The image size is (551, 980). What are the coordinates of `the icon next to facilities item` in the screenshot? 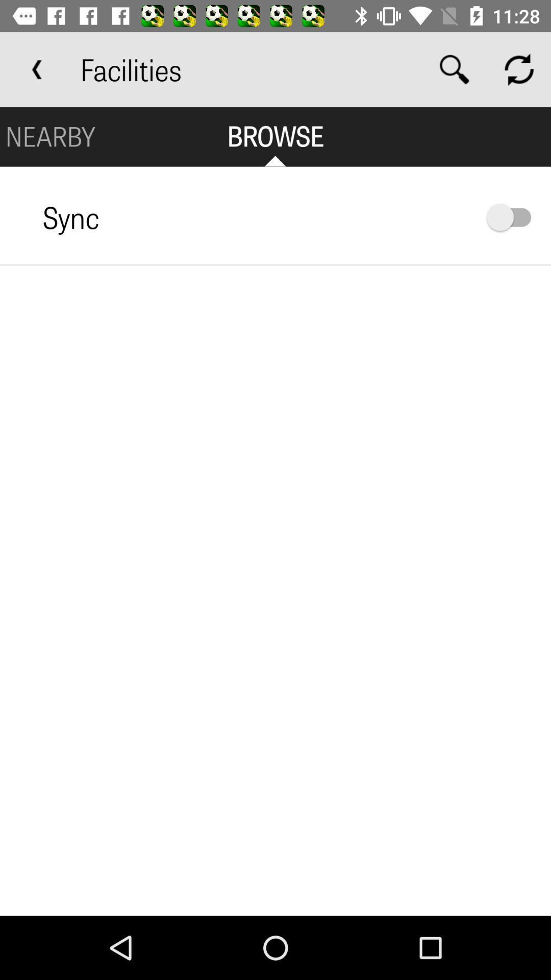 It's located at (454, 69).